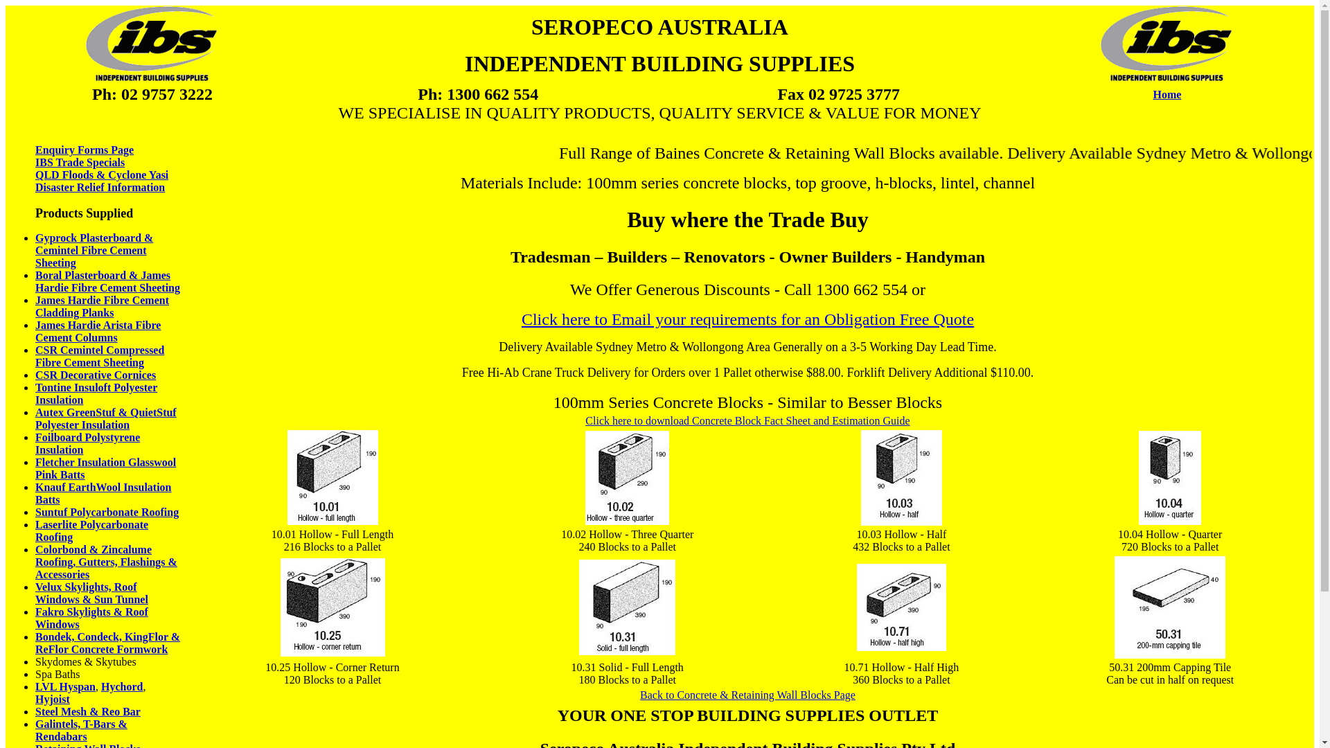  Describe the element at coordinates (105, 467) in the screenshot. I see `'Fletcher Insulation Glasswool Pink Batts'` at that location.